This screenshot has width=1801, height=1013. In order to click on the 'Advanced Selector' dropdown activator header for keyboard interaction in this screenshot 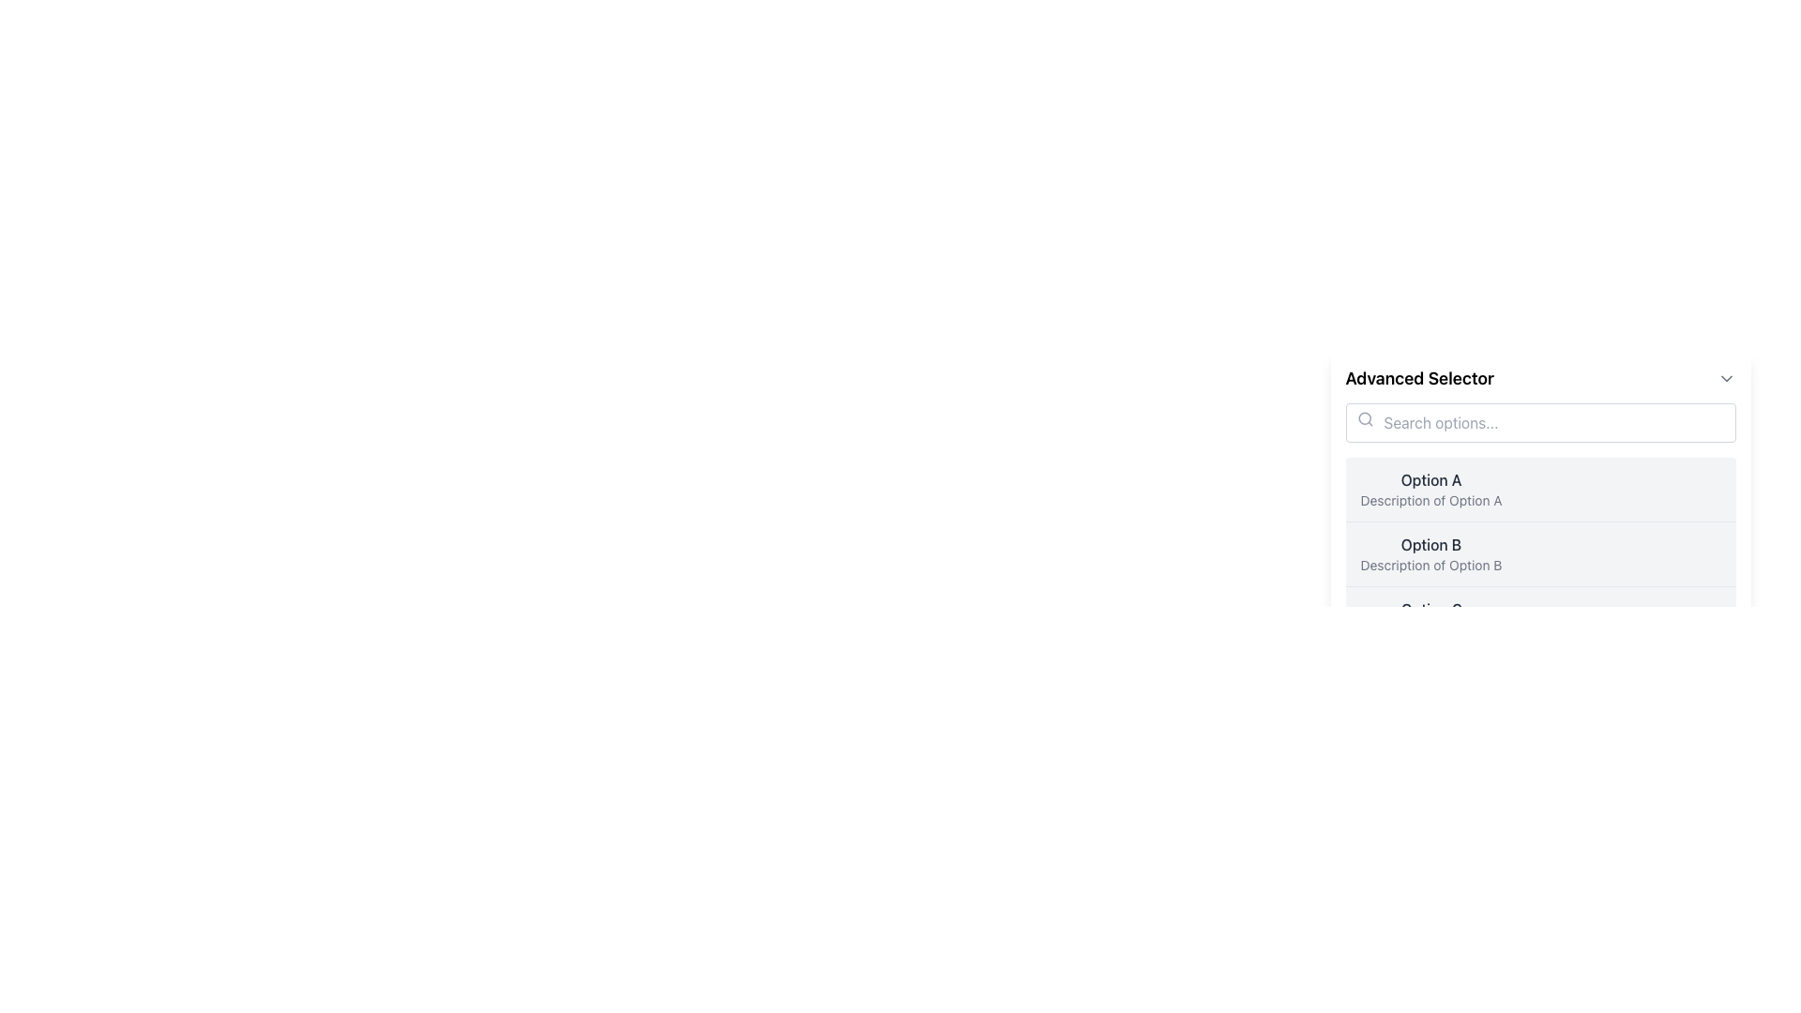, I will do `click(1540, 379)`.